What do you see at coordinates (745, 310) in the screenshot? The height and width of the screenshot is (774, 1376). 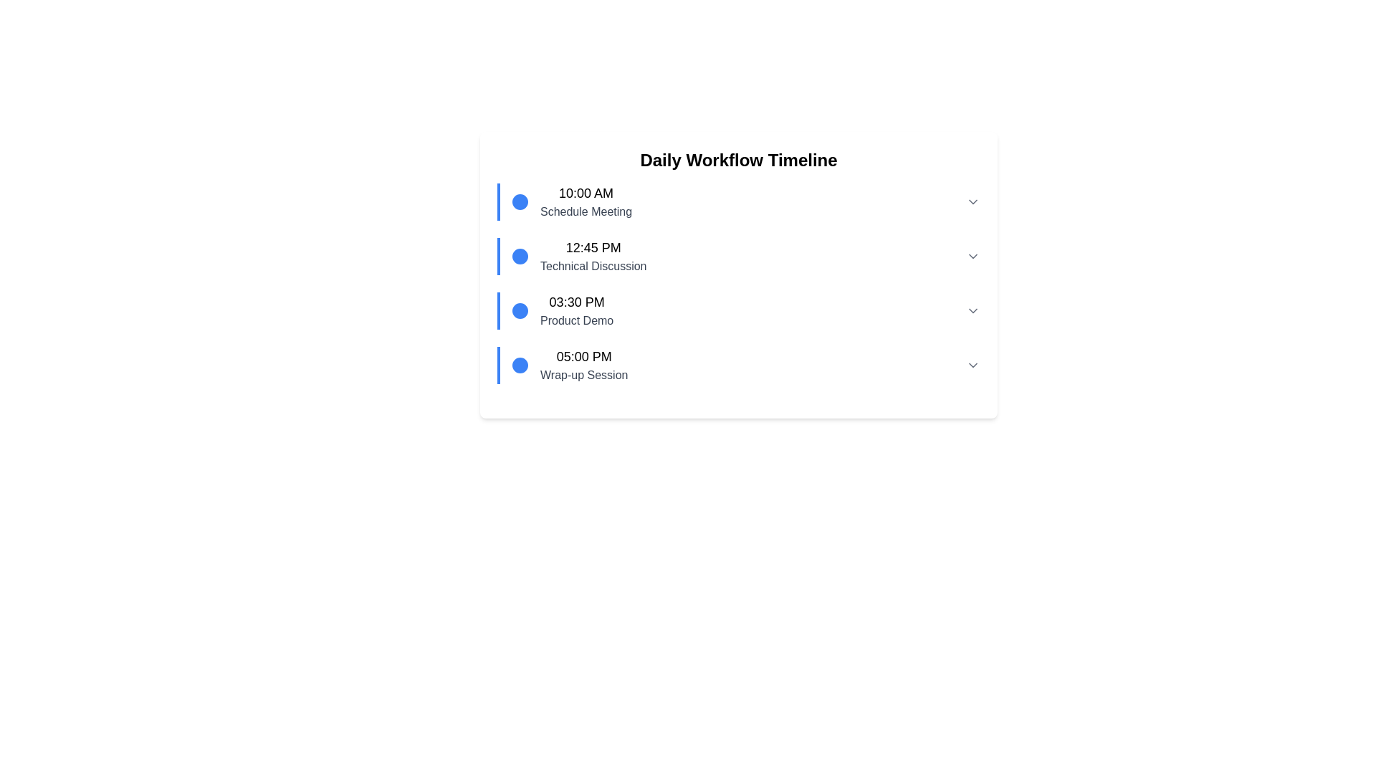 I see `the Timeline entry displaying '03:30 PM' and 'Product Demo' with a dropdown arrow, positioned as the third item in the timeline` at bounding box center [745, 310].